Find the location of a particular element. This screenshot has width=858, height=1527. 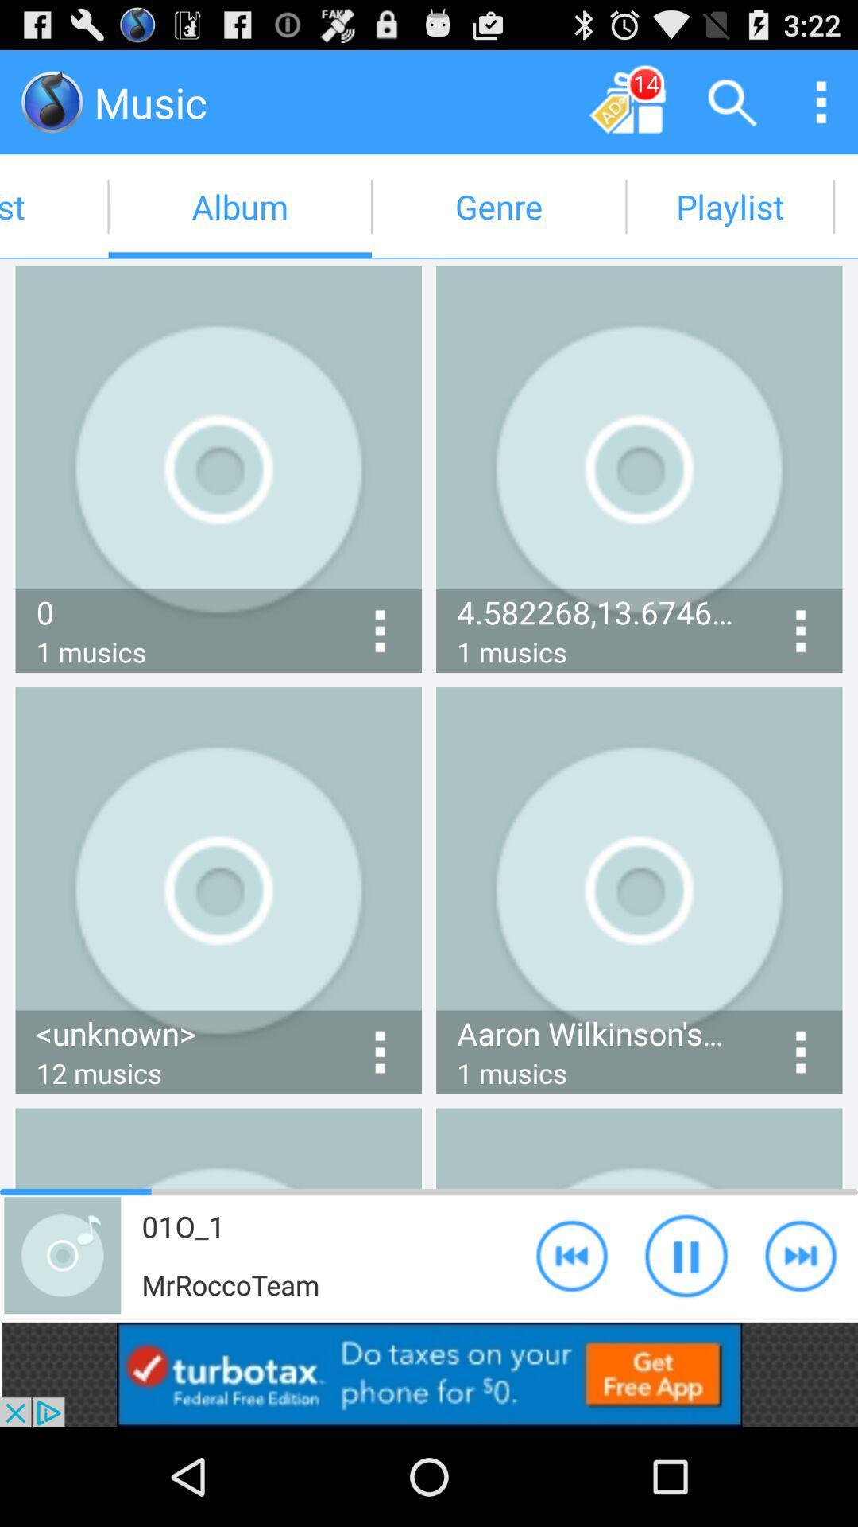

app option is located at coordinates (732, 101).